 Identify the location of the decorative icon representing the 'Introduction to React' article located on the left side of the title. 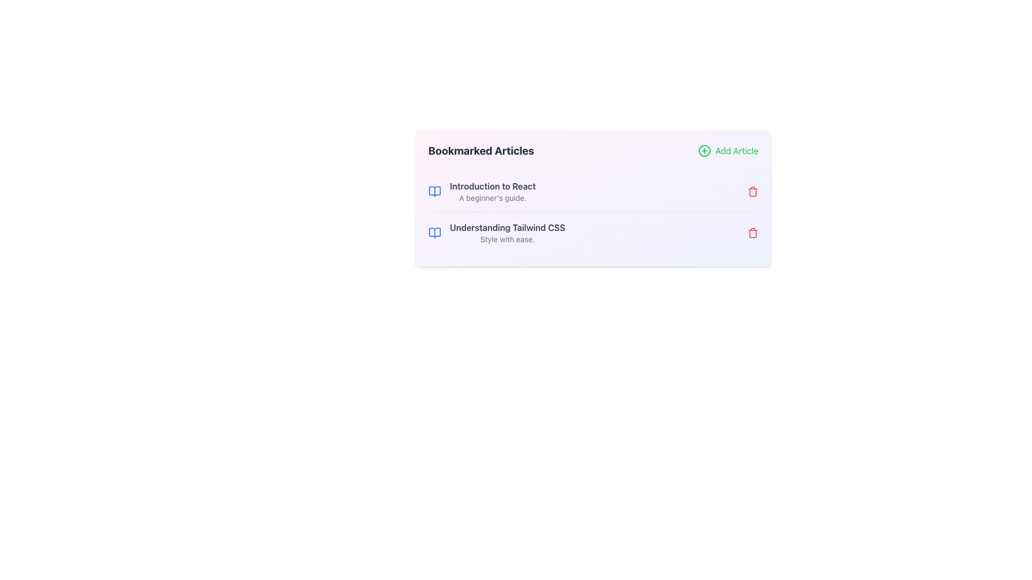
(435, 191).